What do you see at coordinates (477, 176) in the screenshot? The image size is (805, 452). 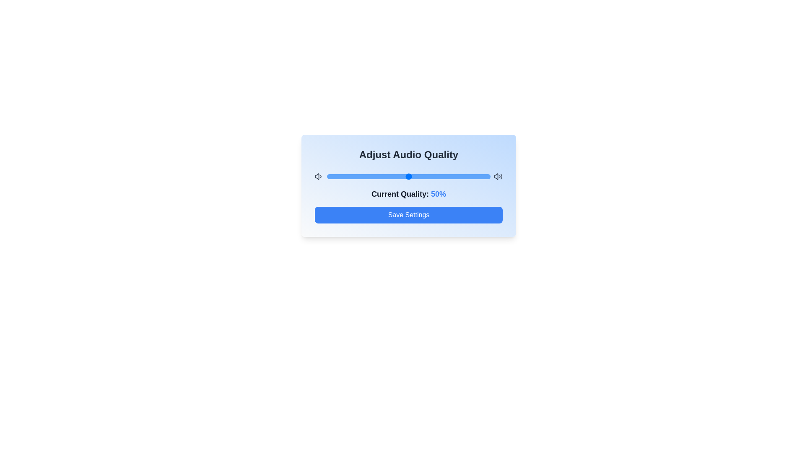 I see `the audio quality to 92% by dragging the slider` at bounding box center [477, 176].